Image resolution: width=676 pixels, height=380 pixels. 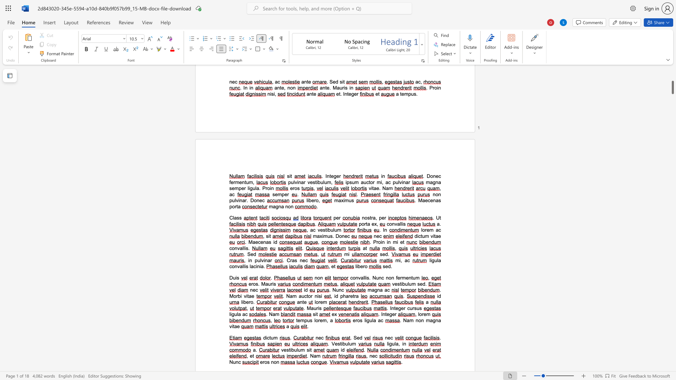 I want to click on the space between the continuous character "n" and "o" in the text, so click(x=288, y=206).